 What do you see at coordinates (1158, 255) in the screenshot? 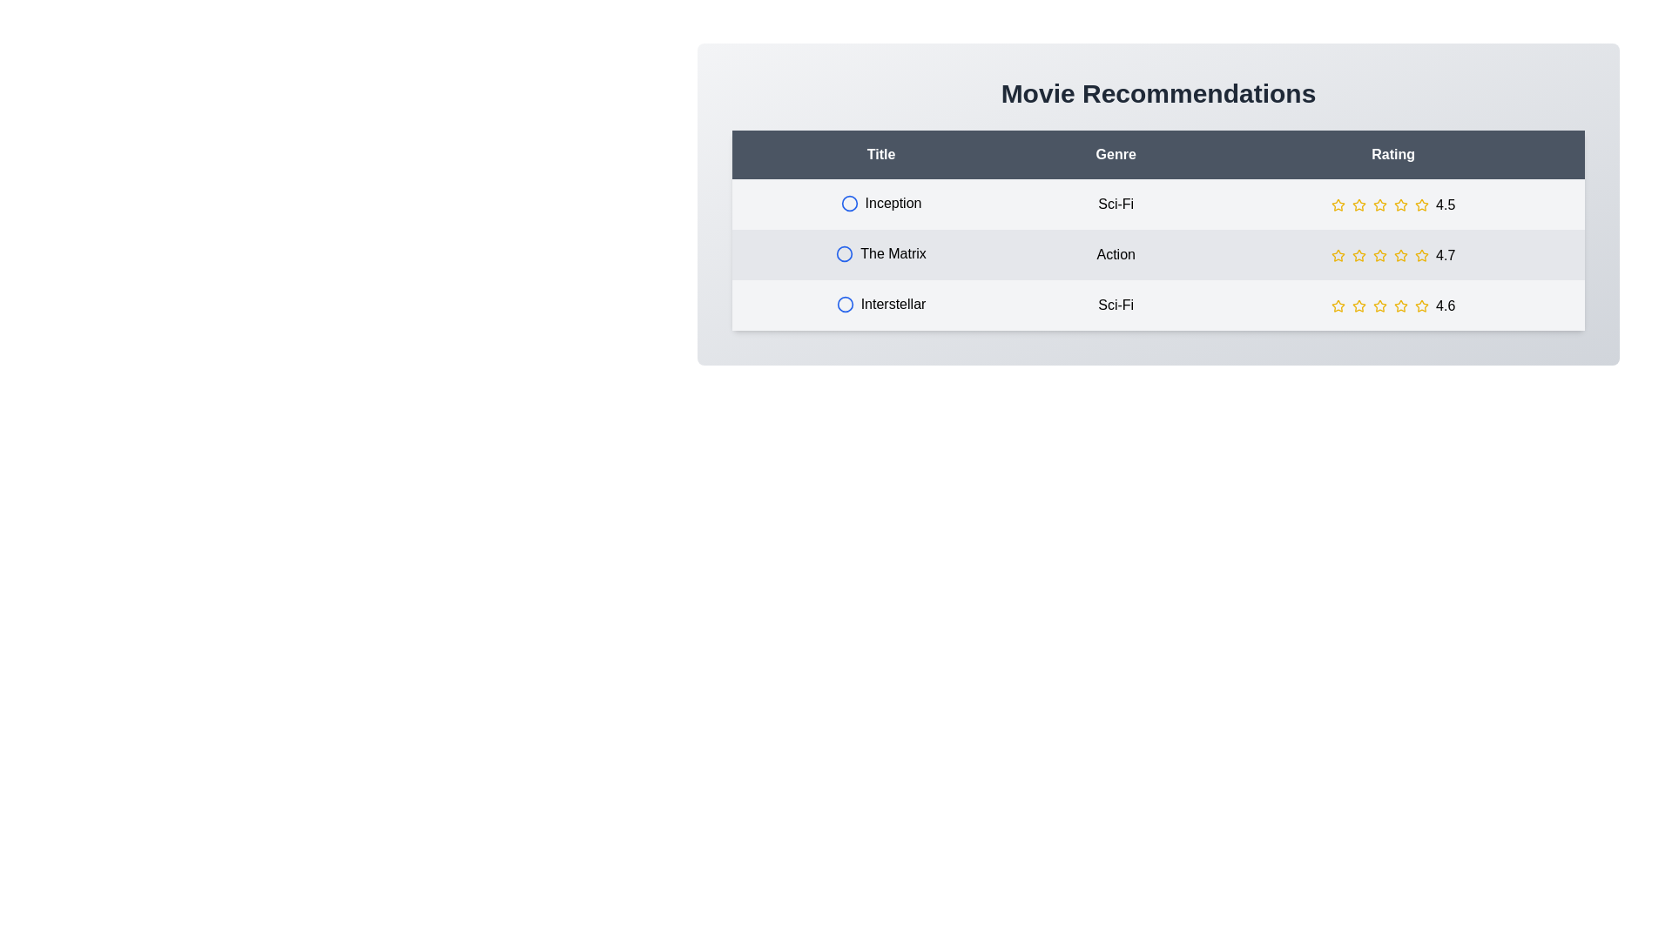
I see `the row corresponding to The Matrix` at bounding box center [1158, 255].